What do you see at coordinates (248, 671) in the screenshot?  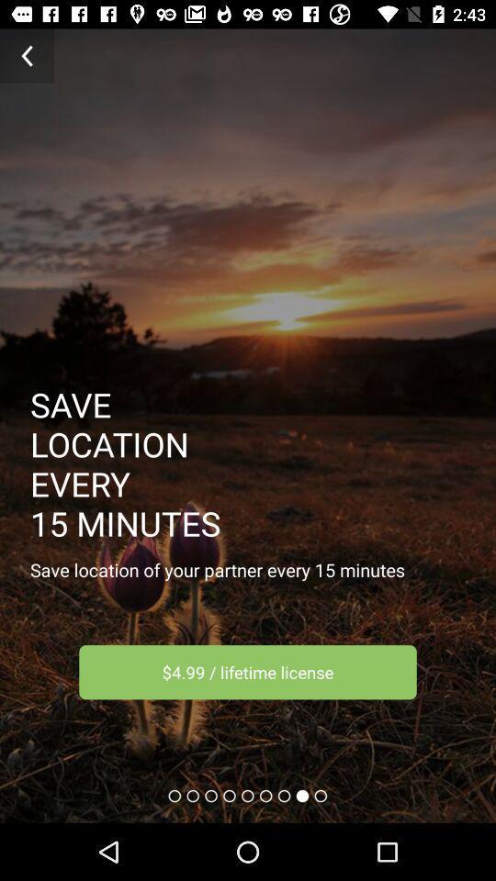 I see `icon below the save location of item` at bounding box center [248, 671].